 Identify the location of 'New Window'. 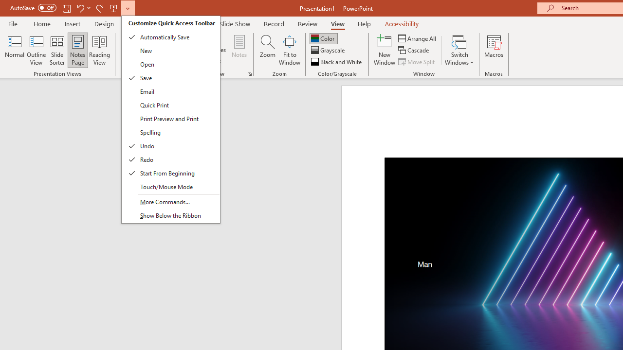
(384, 50).